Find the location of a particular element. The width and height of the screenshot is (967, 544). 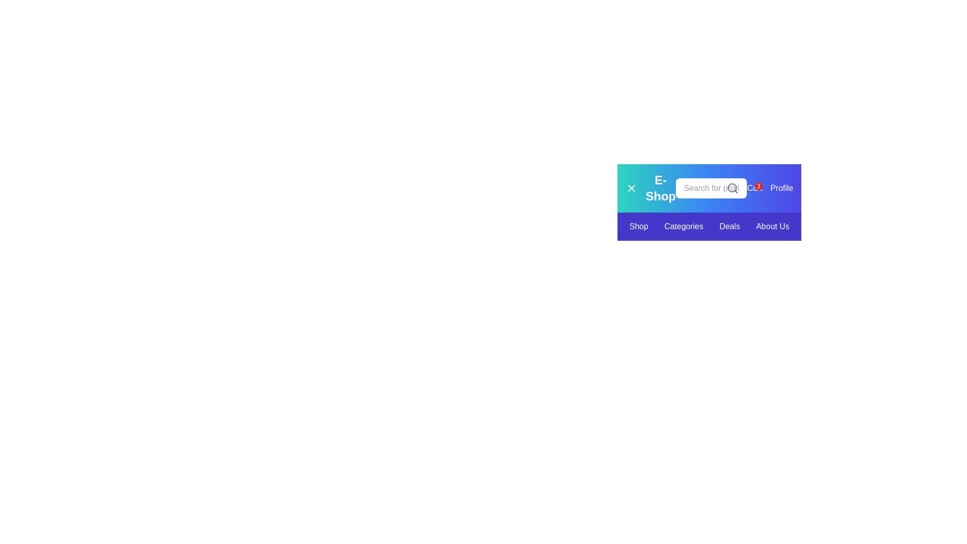

the value displayed on the Notification badge located at the top-right corner of the 'Cart3' element, which indicates the number of items in the shopping cart is located at coordinates (758, 186).